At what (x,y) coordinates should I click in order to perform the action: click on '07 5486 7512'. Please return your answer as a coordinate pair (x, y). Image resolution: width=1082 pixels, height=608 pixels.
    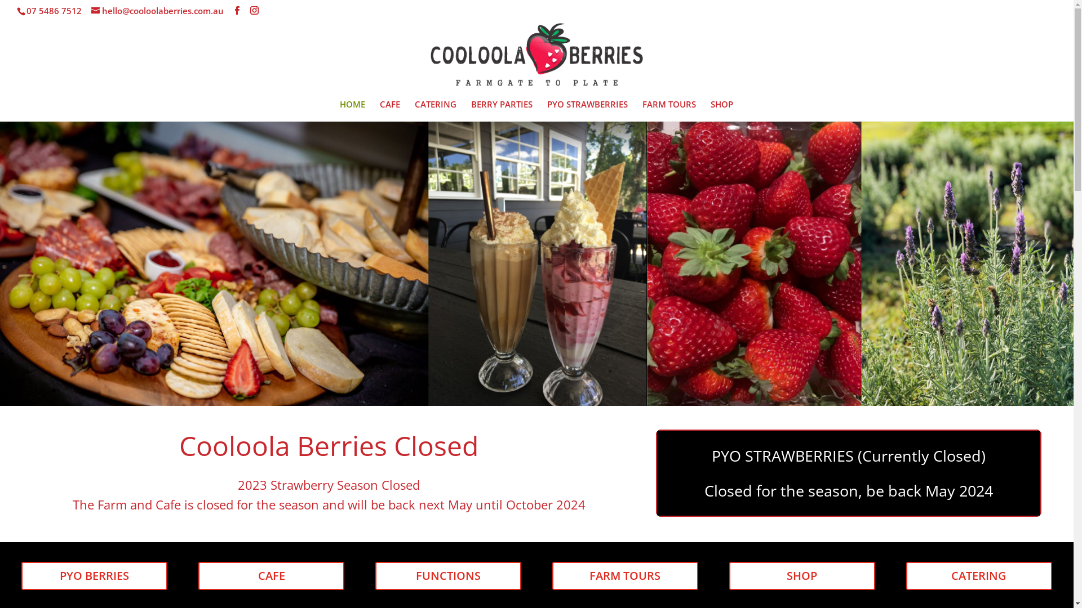
    Looking at the image, I should click on (54, 11).